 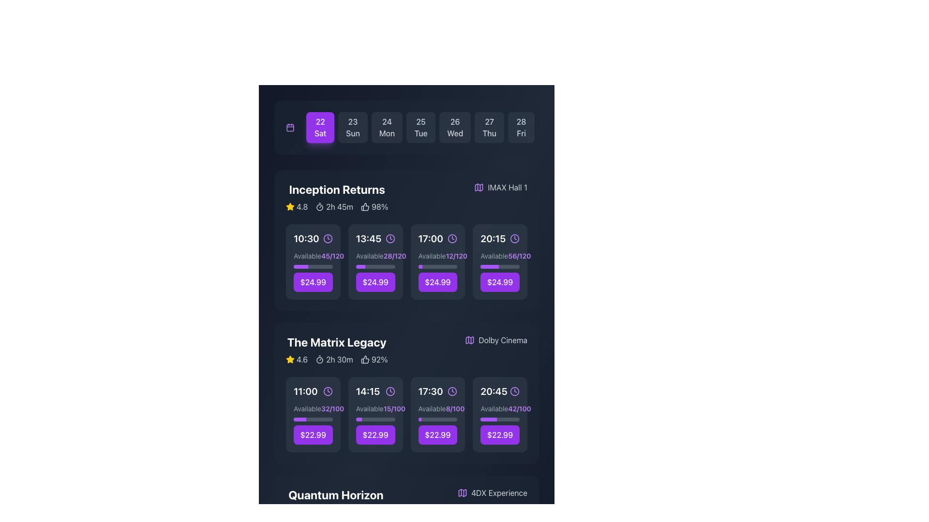 What do you see at coordinates (499, 414) in the screenshot?
I see `the button` at bounding box center [499, 414].